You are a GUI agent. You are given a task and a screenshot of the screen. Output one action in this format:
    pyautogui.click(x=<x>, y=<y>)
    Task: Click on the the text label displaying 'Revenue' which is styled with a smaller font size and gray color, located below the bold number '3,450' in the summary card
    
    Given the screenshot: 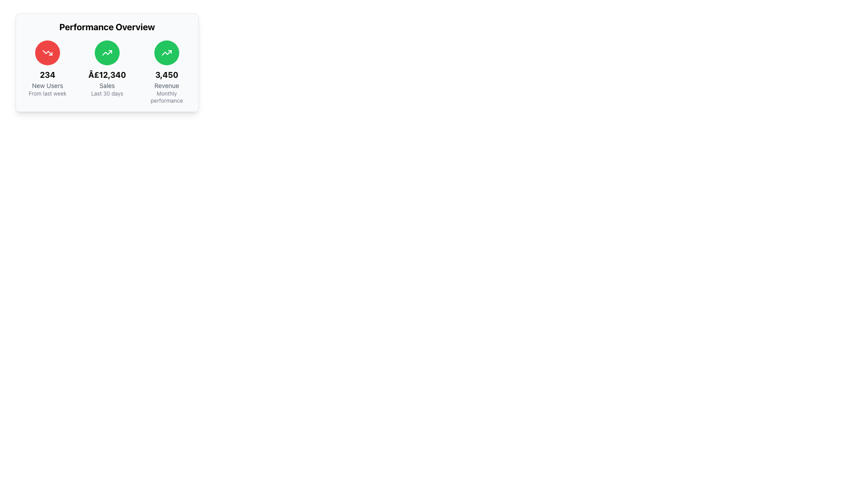 What is the action you would take?
    pyautogui.click(x=166, y=85)
    